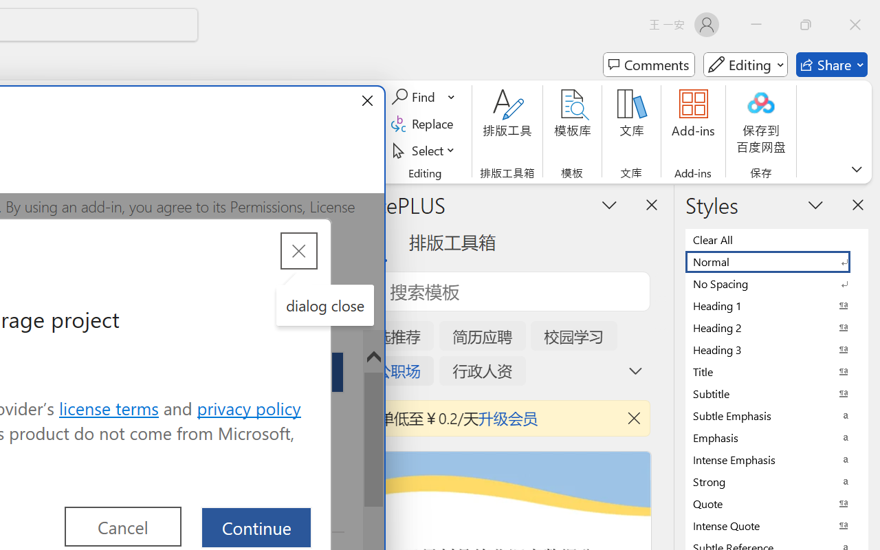 The width and height of the screenshot is (880, 550). What do you see at coordinates (777, 305) in the screenshot?
I see `'Heading 1'` at bounding box center [777, 305].